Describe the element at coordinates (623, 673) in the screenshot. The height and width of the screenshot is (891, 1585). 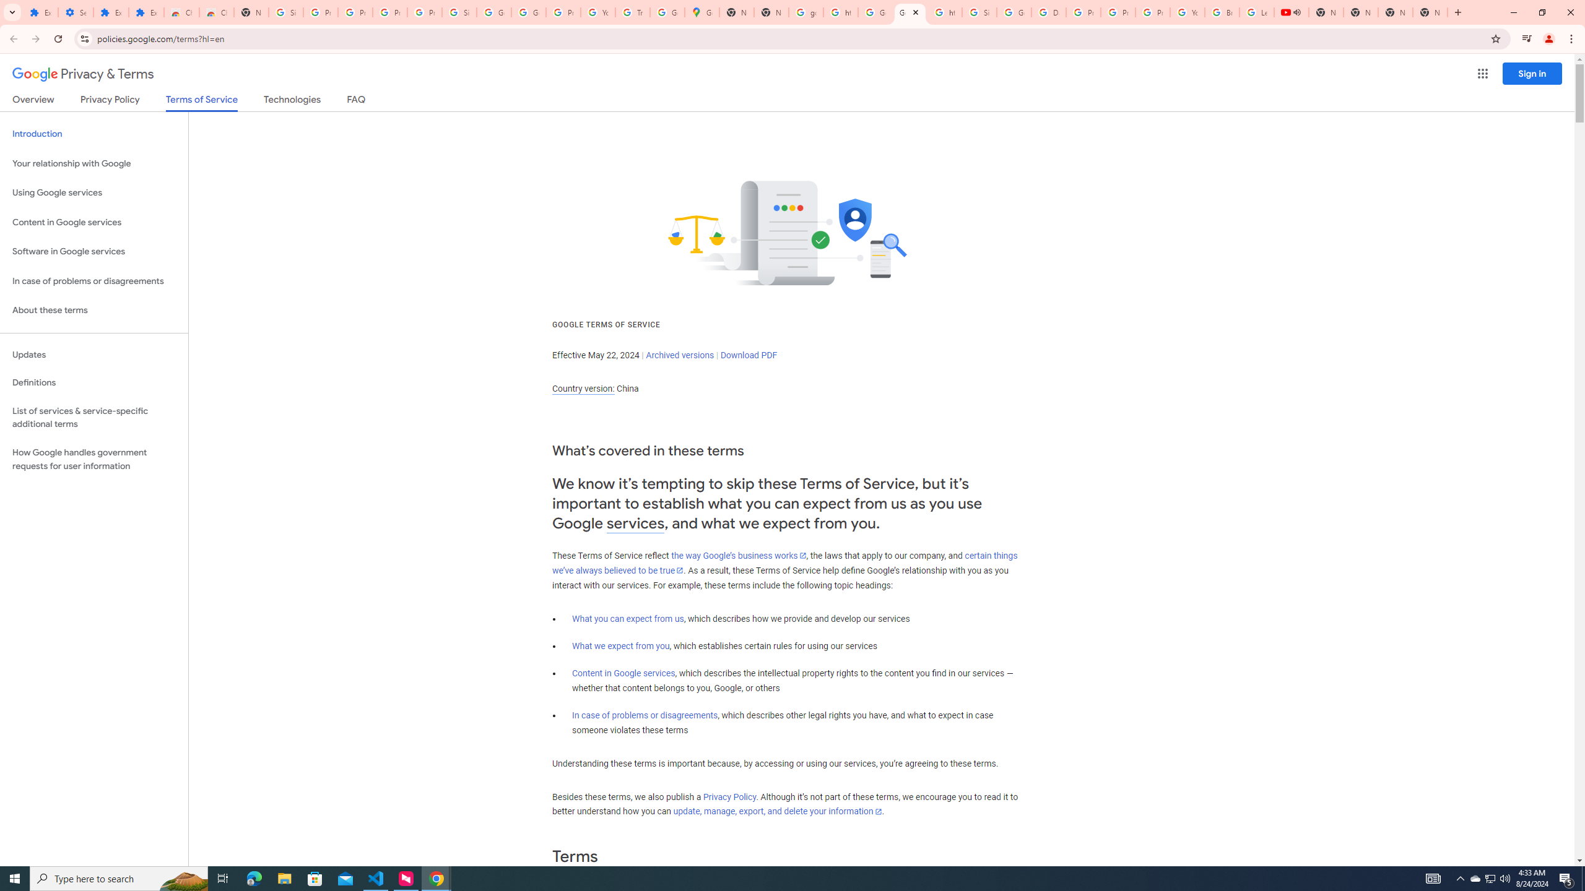
I see `'Content in Google services'` at that location.